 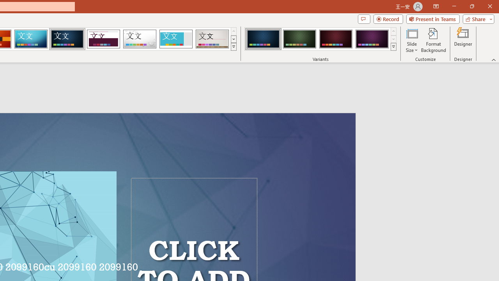 I want to click on 'Circuit', so click(x=31, y=39).